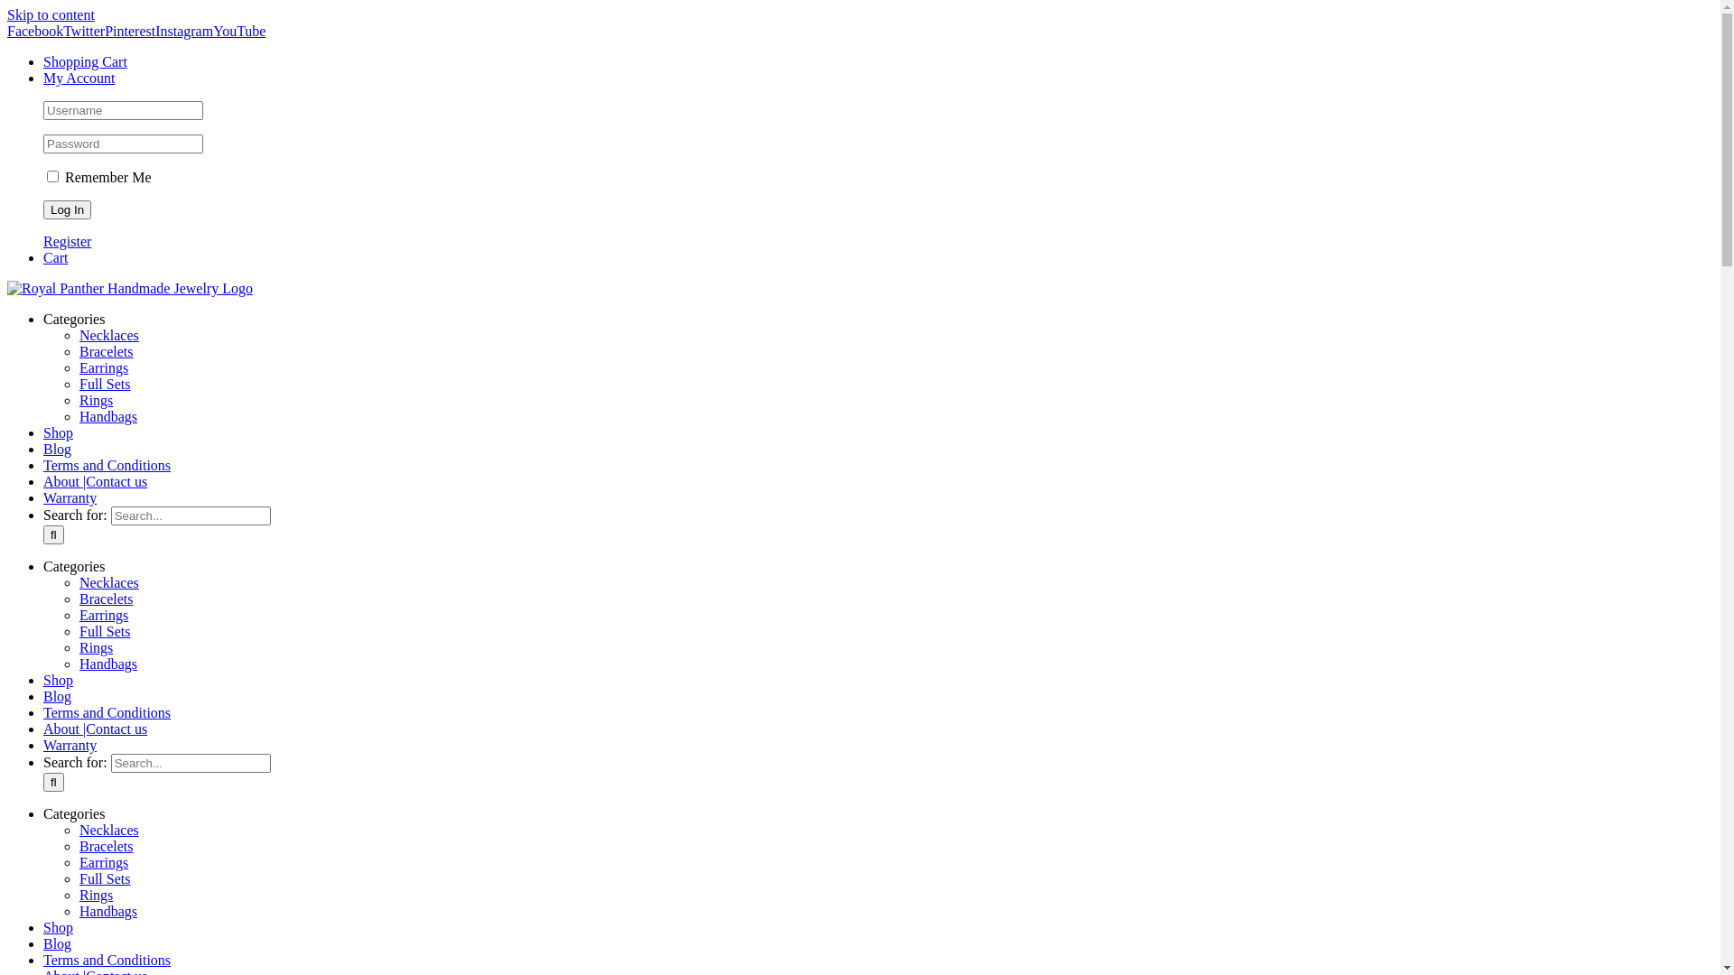 This screenshot has height=975, width=1734. What do you see at coordinates (103, 31) in the screenshot?
I see `'Pinterest'` at bounding box center [103, 31].